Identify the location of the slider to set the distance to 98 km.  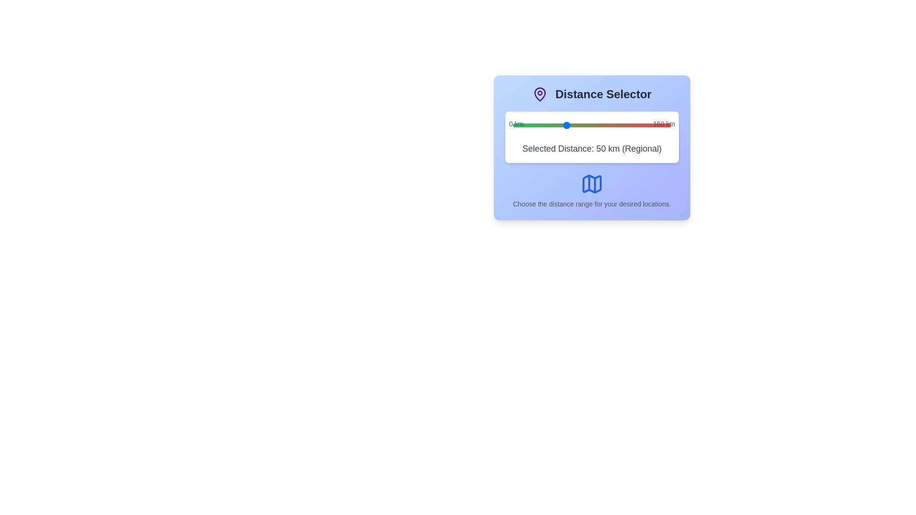
(616, 124).